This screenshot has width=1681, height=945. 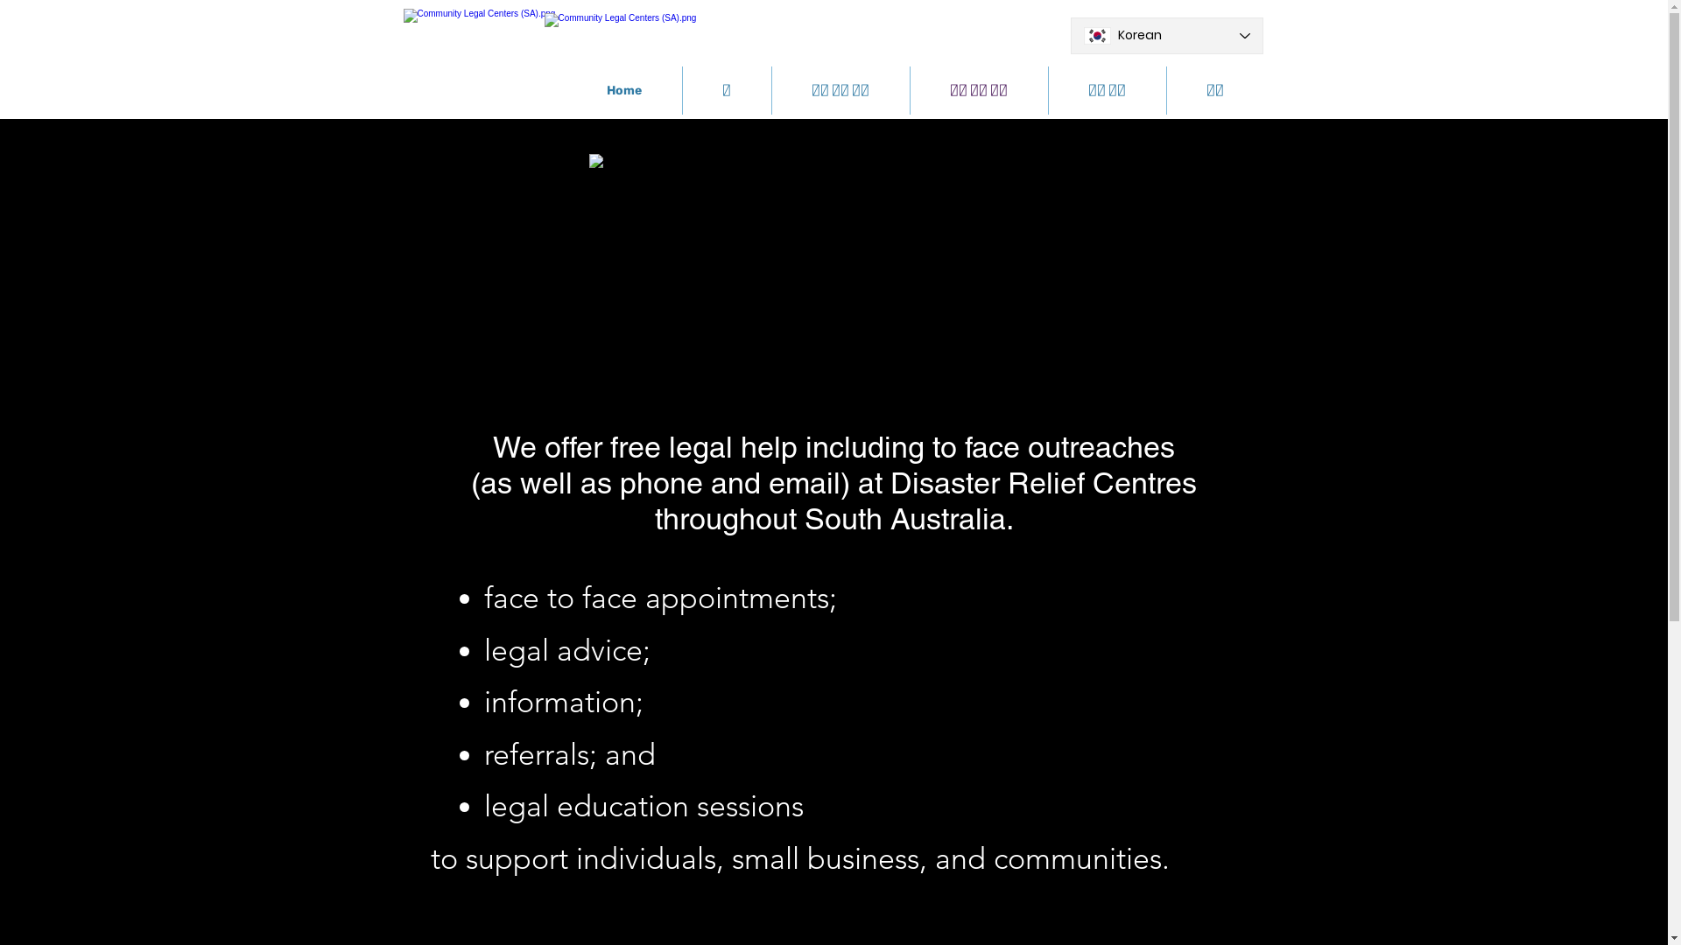 I want to click on 'Home', so click(x=567, y=90).